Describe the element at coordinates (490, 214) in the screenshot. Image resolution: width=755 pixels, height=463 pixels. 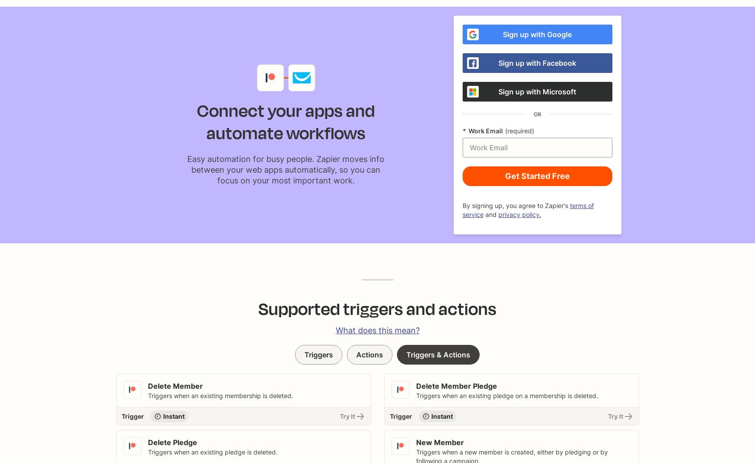
I see `'and'` at that location.